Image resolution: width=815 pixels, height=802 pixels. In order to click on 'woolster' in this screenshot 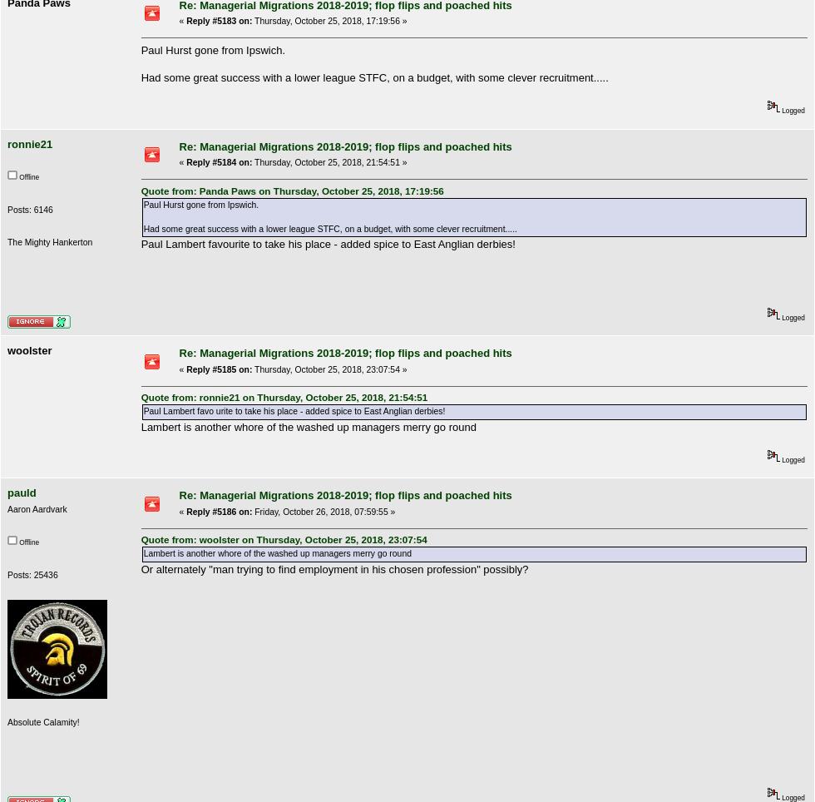, I will do `click(29, 349)`.